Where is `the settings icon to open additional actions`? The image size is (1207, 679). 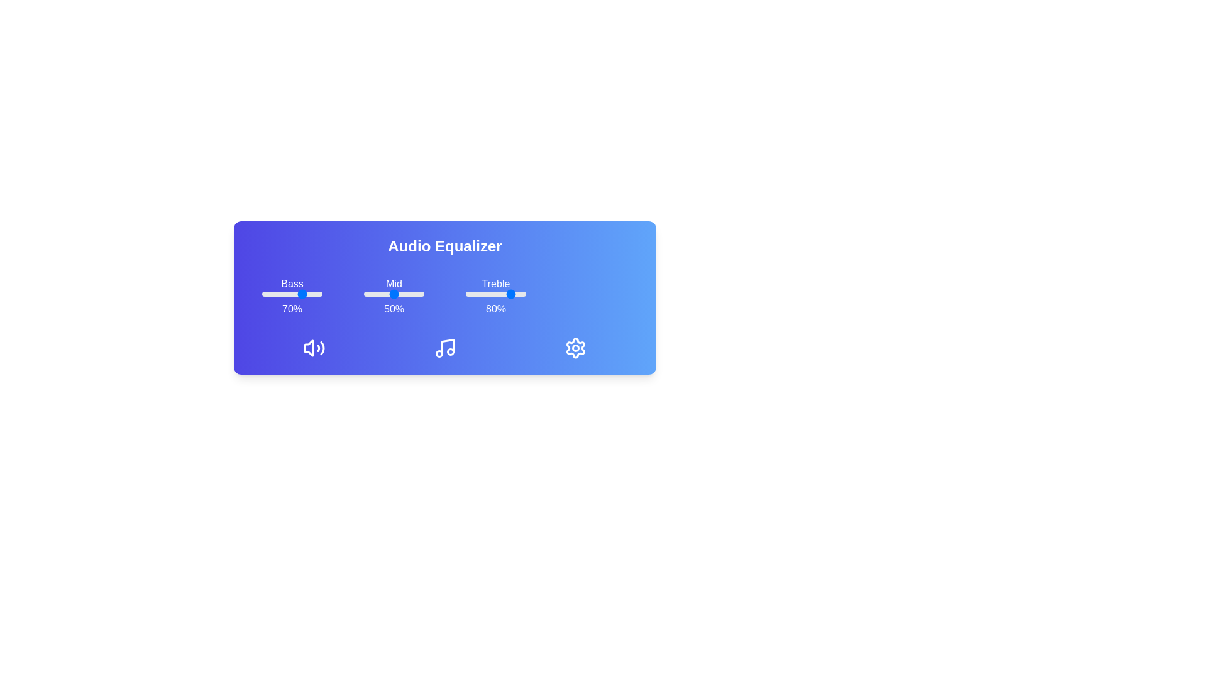
the settings icon to open additional actions is located at coordinates (575, 348).